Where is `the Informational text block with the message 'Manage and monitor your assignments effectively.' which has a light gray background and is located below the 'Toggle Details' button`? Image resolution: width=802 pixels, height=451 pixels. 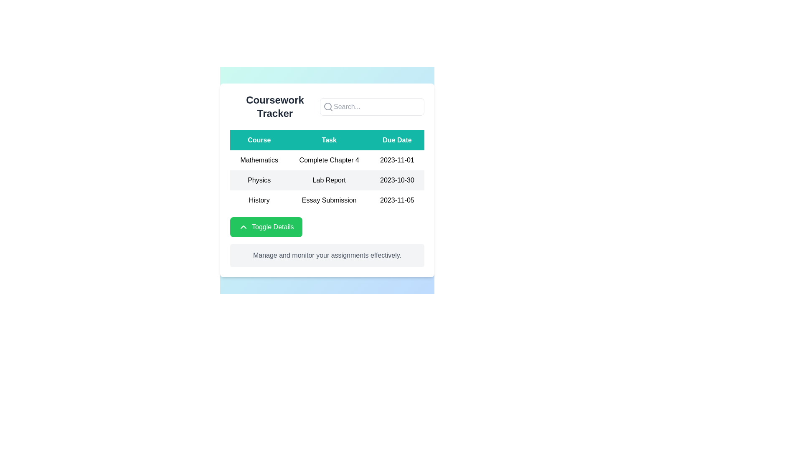 the Informational text block with the message 'Manage and monitor your assignments effectively.' which has a light gray background and is located below the 'Toggle Details' button is located at coordinates (327, 255).